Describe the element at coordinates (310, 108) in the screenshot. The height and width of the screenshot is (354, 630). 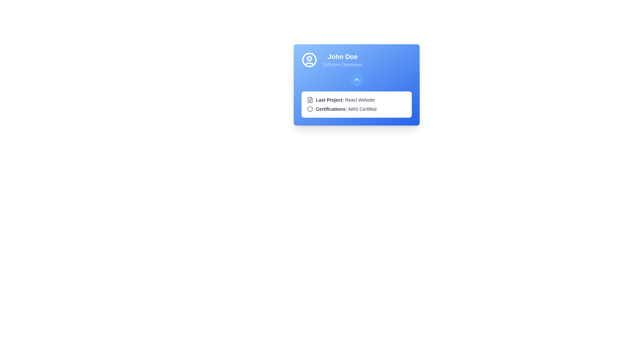
I see `the certification icon located to the left of the label 'Certifications: AWS Certified'` at that location.